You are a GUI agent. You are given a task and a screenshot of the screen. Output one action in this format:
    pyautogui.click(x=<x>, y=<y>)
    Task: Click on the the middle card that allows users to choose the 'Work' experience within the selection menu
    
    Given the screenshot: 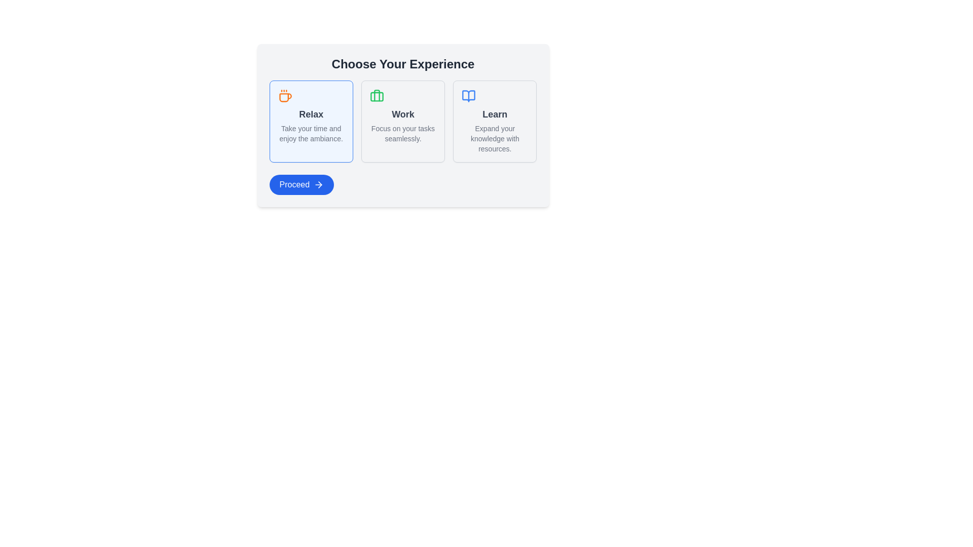 What is the action you would take?
    pyautogui.click(x=402, y=125)
    